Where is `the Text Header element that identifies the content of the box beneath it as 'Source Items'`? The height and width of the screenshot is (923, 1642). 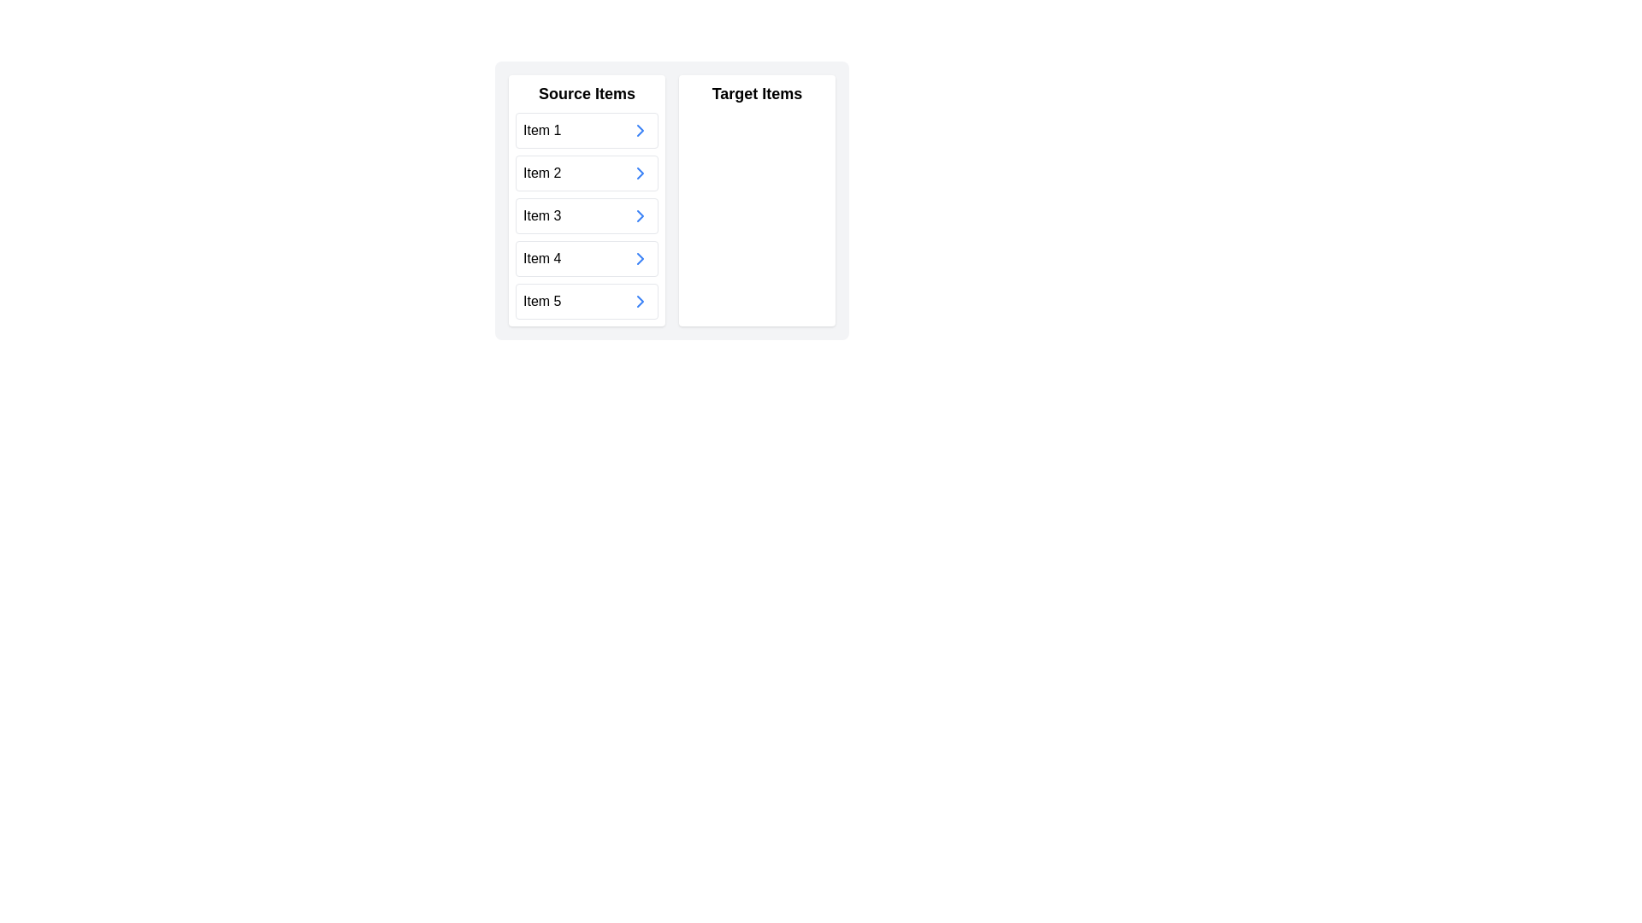 the Text Header element that identifies the content of the box beneath it as 'Source Items' is located at coordinates (587, 94).